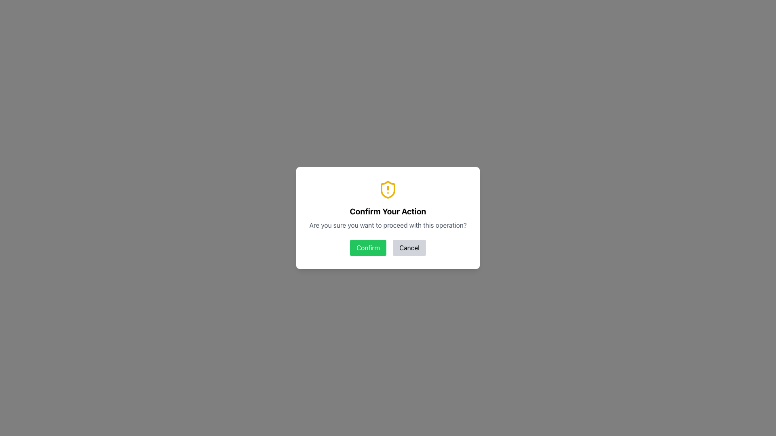  Describe the element at coordinates (368, 247) in the screenshot. I see `the 'Confirm' button located near the bottom center of the dialog box, directly under the text 'Are you sure you want to proceed with this operation?'` at that location.